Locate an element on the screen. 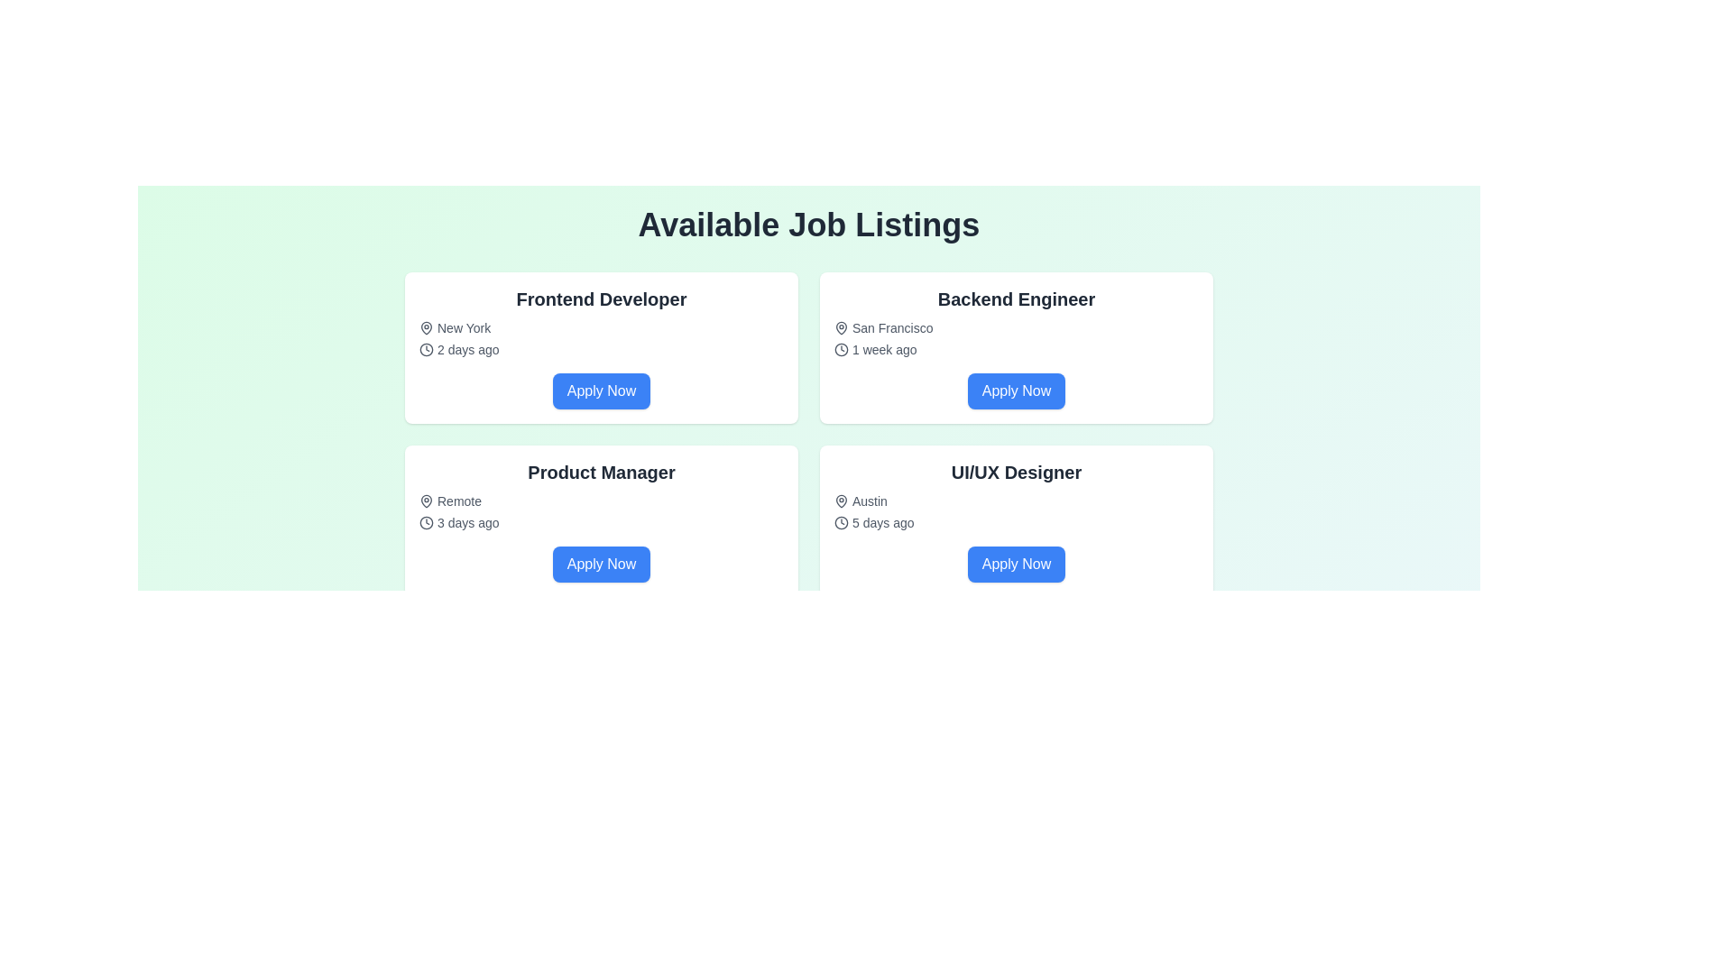  the map point icon located in the upper-left area of the 'Frontend Developer' job listing card, positioned immediately to the left of the text 'New York' is located at coordinates (426, 326).